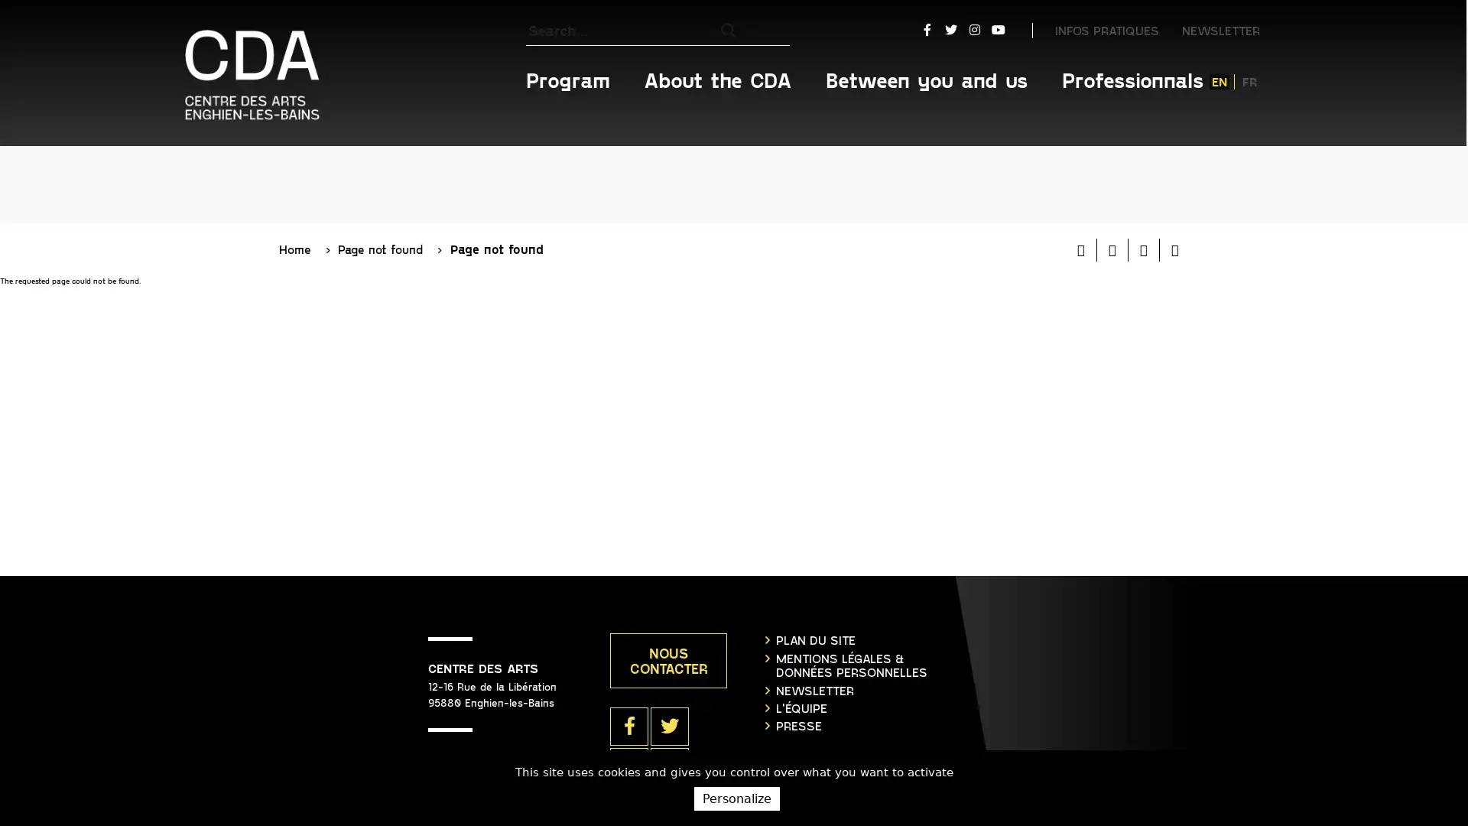 The height and width of the screenshot is (826, 1468). Describe the element at coordinates (774, 30) in the screenshot. I see `Search all the site` at that location.